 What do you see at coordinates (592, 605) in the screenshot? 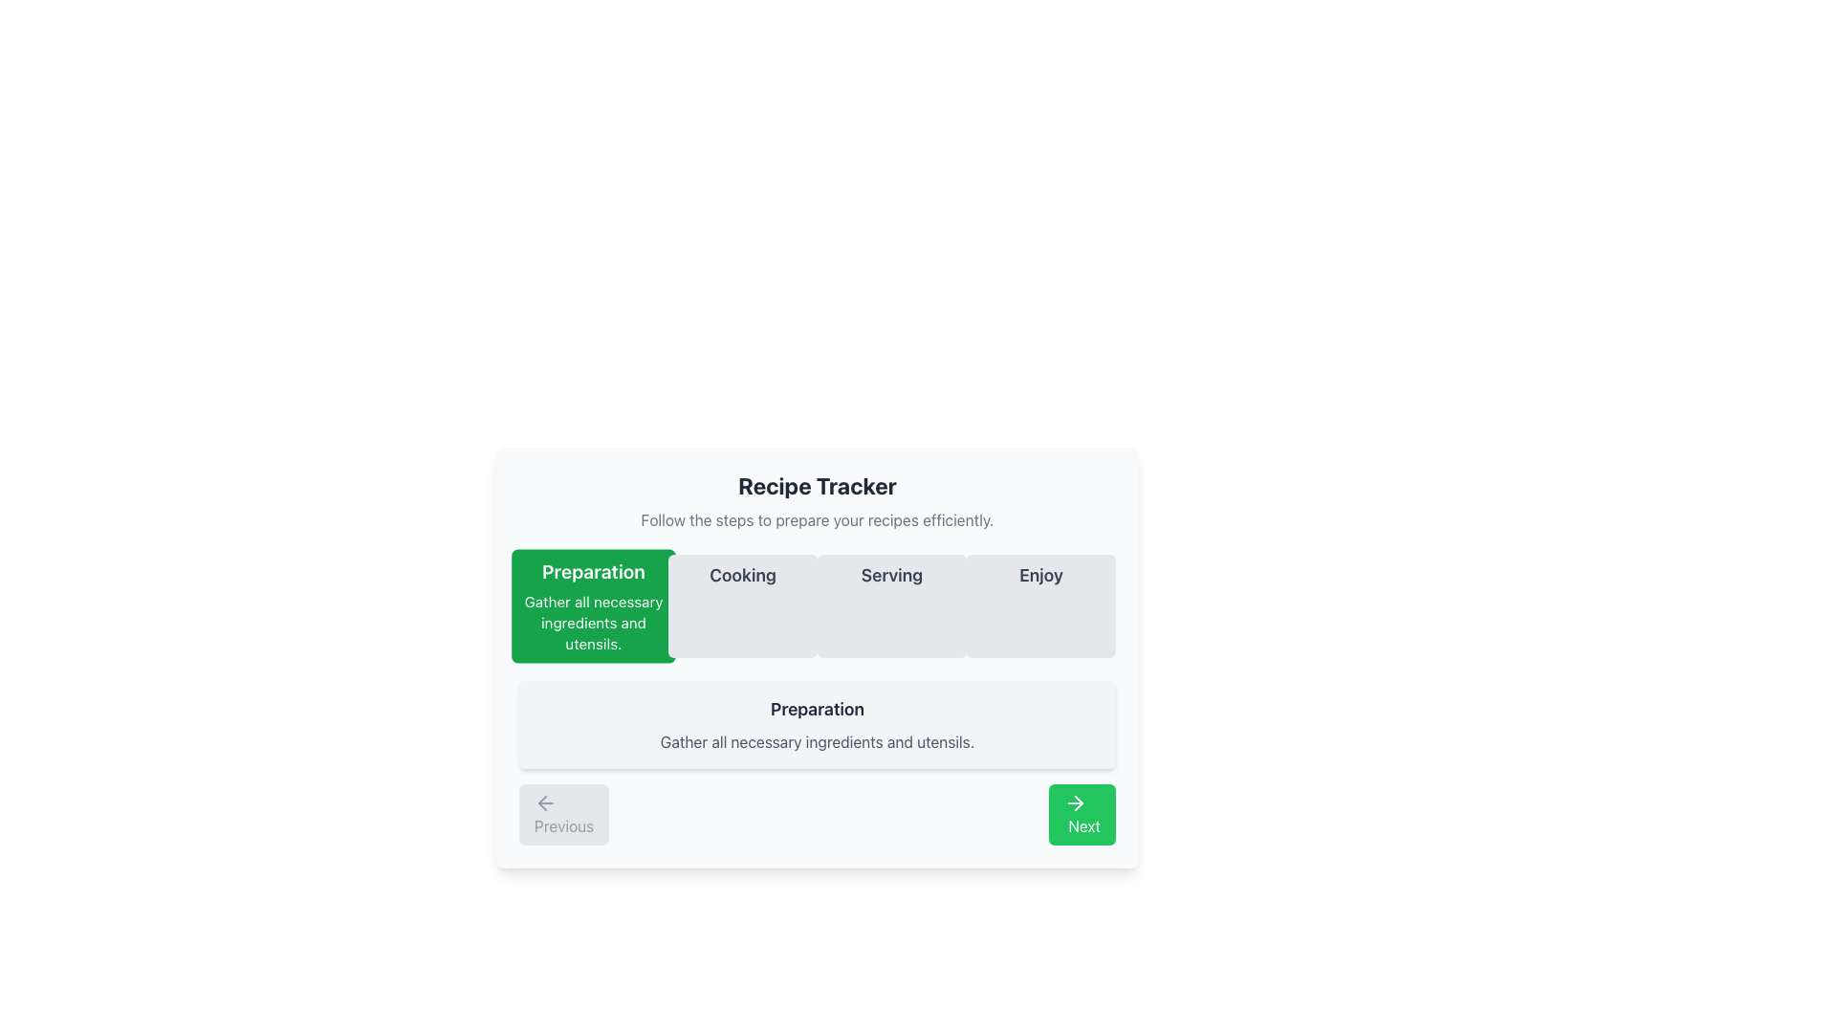
I see `the green 'Preparation' button, which contains the bold text 'Preparation' and additional instructions below, to indicate focus` at bounding box center [592, 605].